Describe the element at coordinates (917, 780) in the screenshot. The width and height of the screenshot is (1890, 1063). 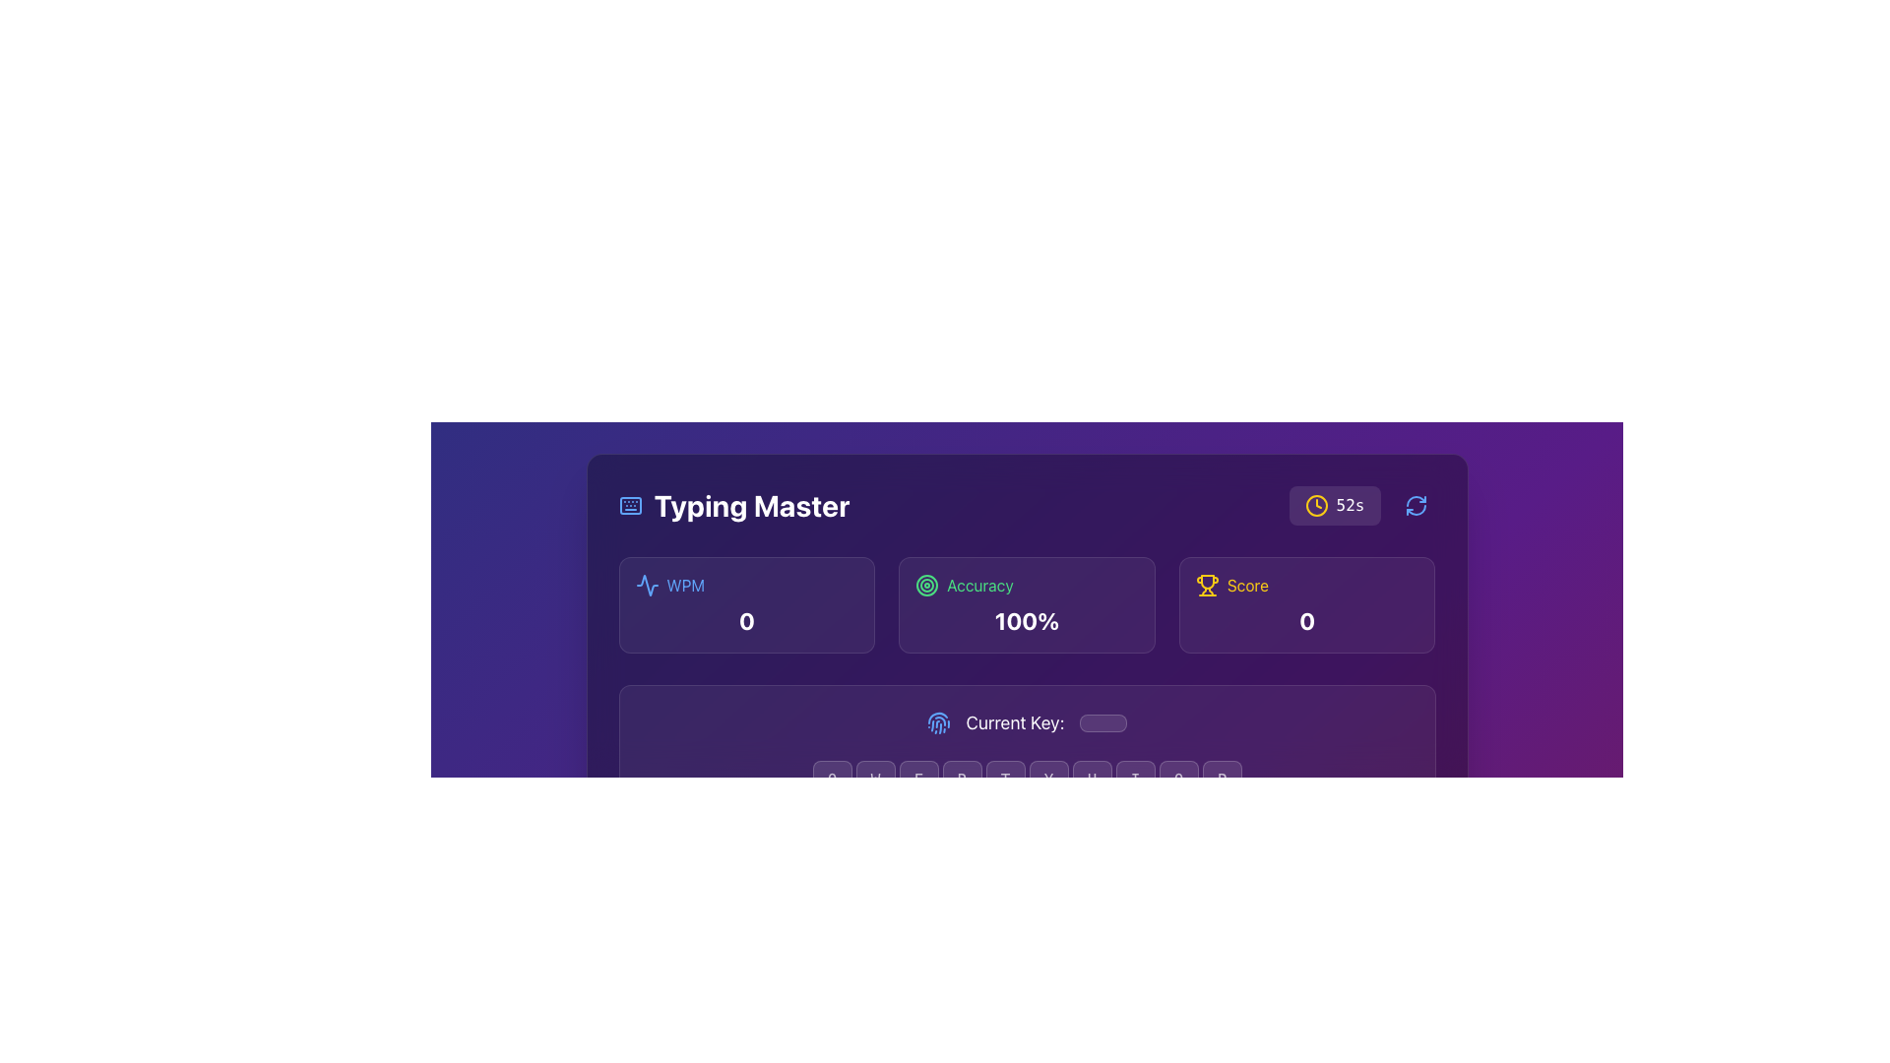
I see `the virtual keyboard key labeled 'E', which is a square button with rounded corners, part of a row of character buttons, positioned centrally near the bottom of the interface` at that location.